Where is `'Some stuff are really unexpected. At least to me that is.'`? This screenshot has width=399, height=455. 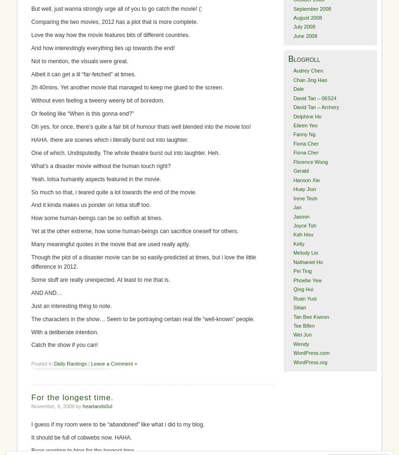 'Some stuff are really unexpected. At least to me that is.' is located at coordinates (100, 279).